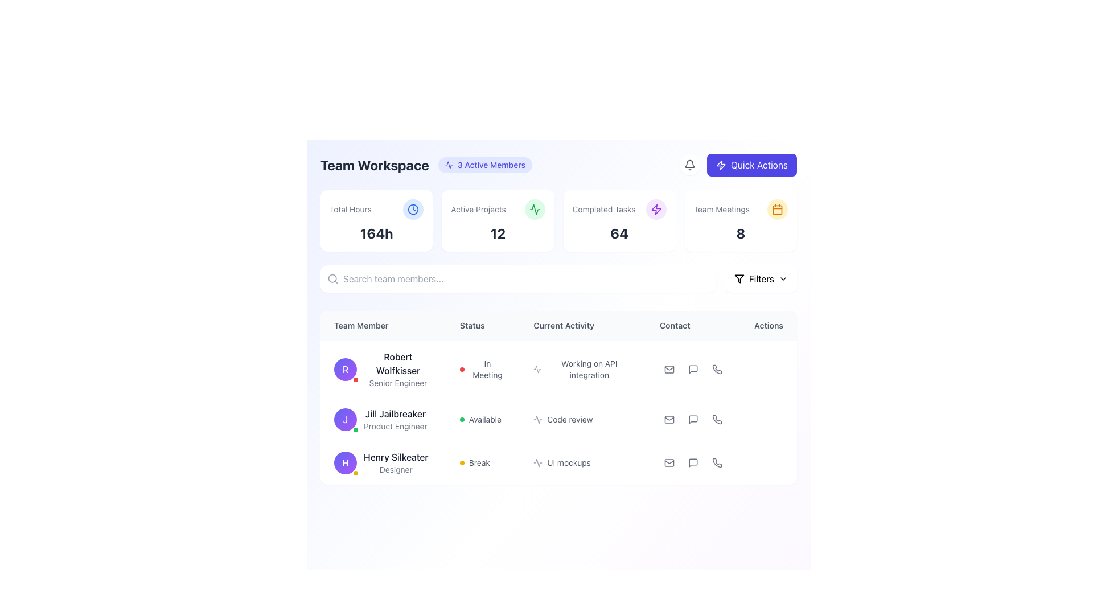 The height and width of the screenshot is (615, 1093). I want to click on the mail icon in the row associated with the user 'Jill Jailbreaker', so click(669, 419).